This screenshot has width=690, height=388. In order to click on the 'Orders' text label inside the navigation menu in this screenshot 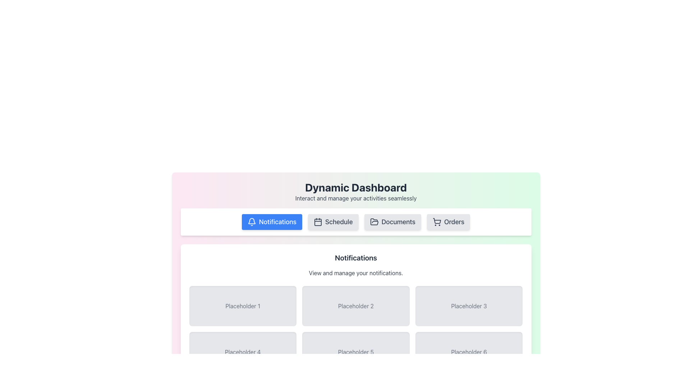, I will do `click(454, 221)`.